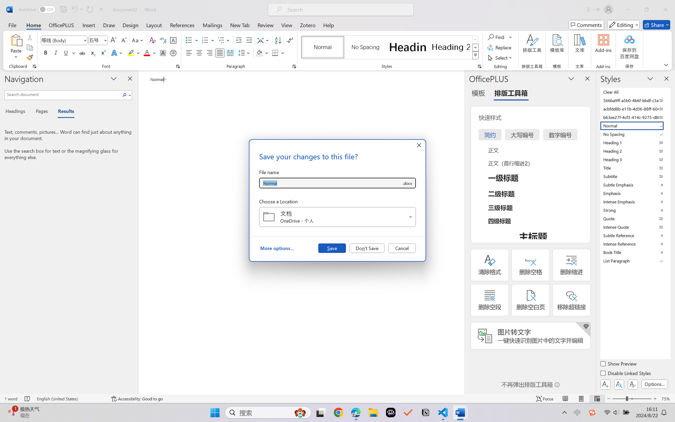  I want to click on 'Heading 3', so click(635, 159).